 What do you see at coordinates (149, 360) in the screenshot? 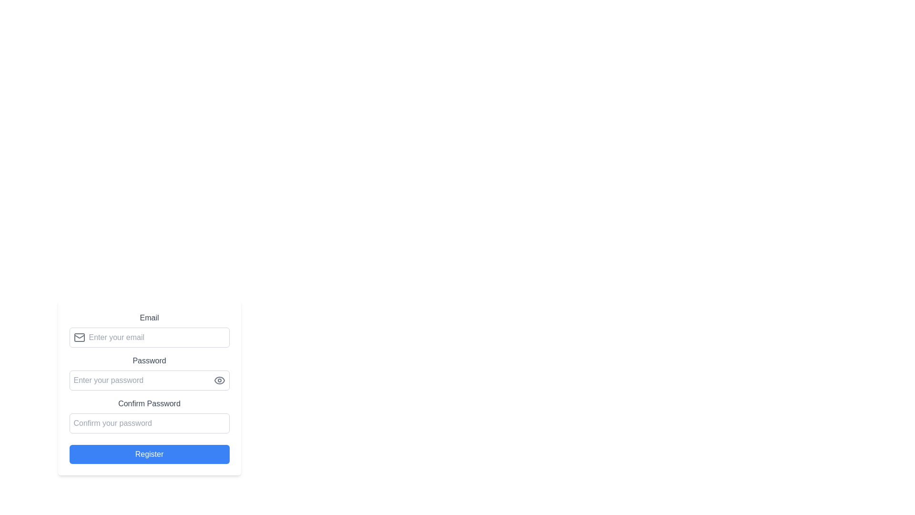
I see `text label that indicates the expected input for the password field, located above the password input field and its visibility toggle icon` at bounding box center [149, 360].